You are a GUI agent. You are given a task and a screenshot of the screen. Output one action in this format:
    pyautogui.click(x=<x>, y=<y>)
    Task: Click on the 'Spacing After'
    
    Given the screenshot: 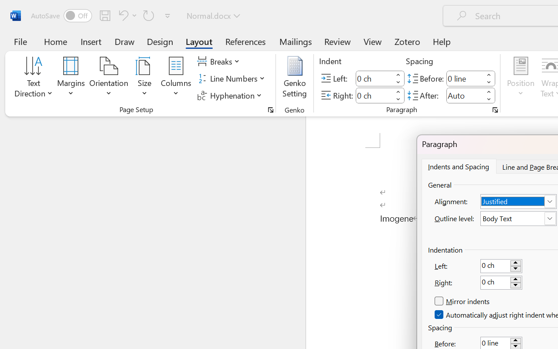 What is the action you would take?
    pyautogui.click(x=464, y=95)
    